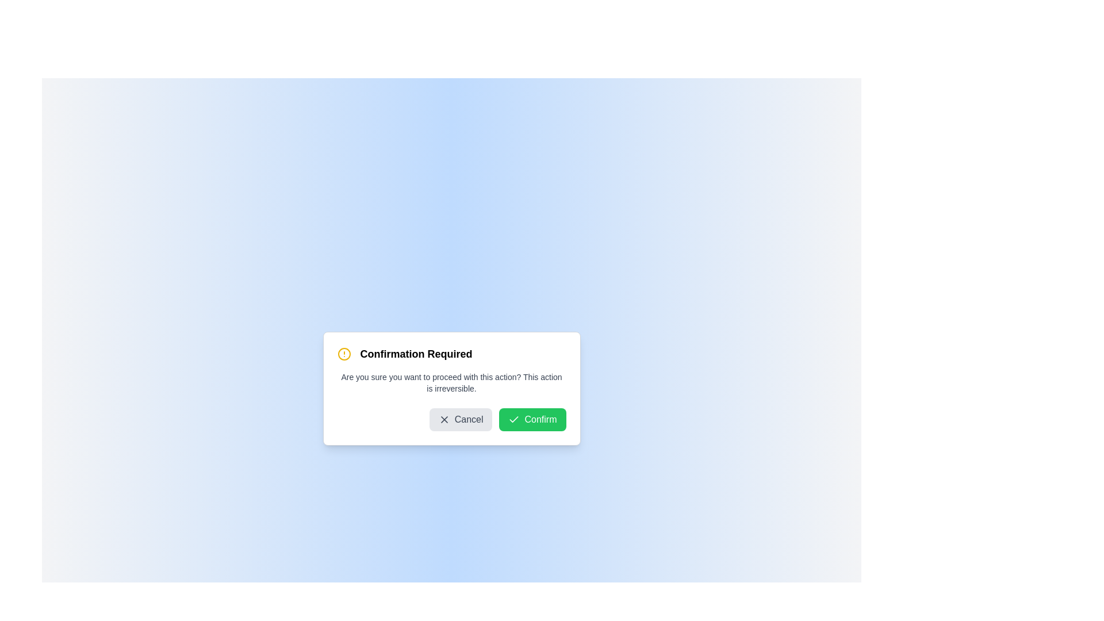  I want to click on the close icon in the top-left corner of the dialog box, so click(443, 419).